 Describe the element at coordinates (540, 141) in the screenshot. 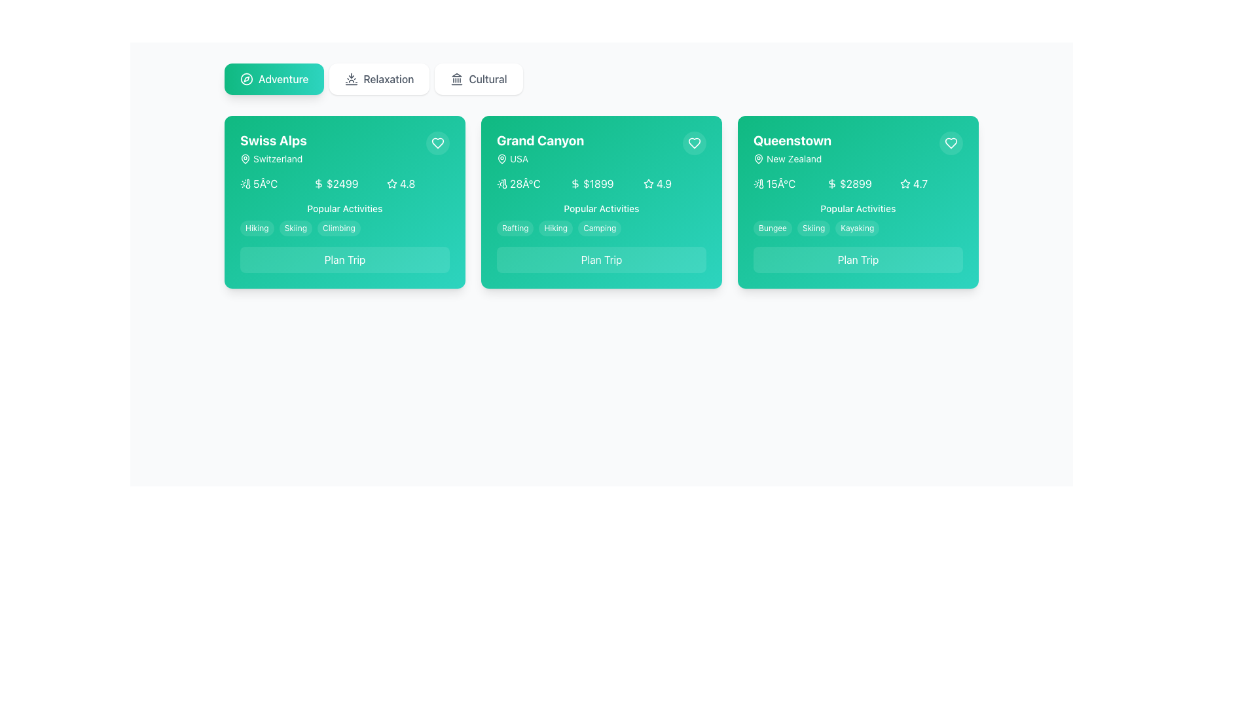

I see `the 'Grand Canyon' text label, which is prominently styled in bold white font against a green background, located in the center of the highlighted card` at that location.